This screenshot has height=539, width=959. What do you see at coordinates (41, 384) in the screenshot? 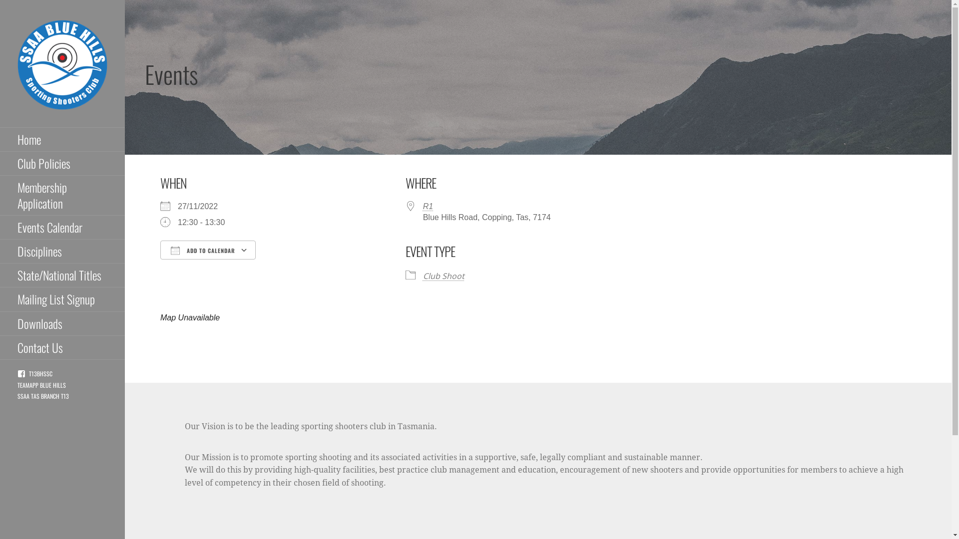
I see `'TEAMAPP BLUE HILLS'` at bounding box center [41, 384].